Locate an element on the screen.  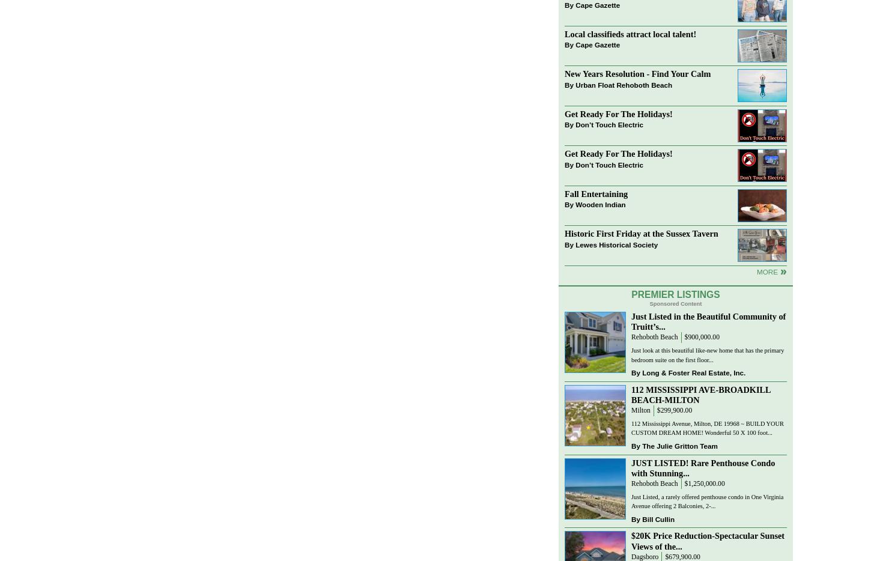
'Historic First Friday at the Sussex Tavern' is located at coordinates (564, 233).